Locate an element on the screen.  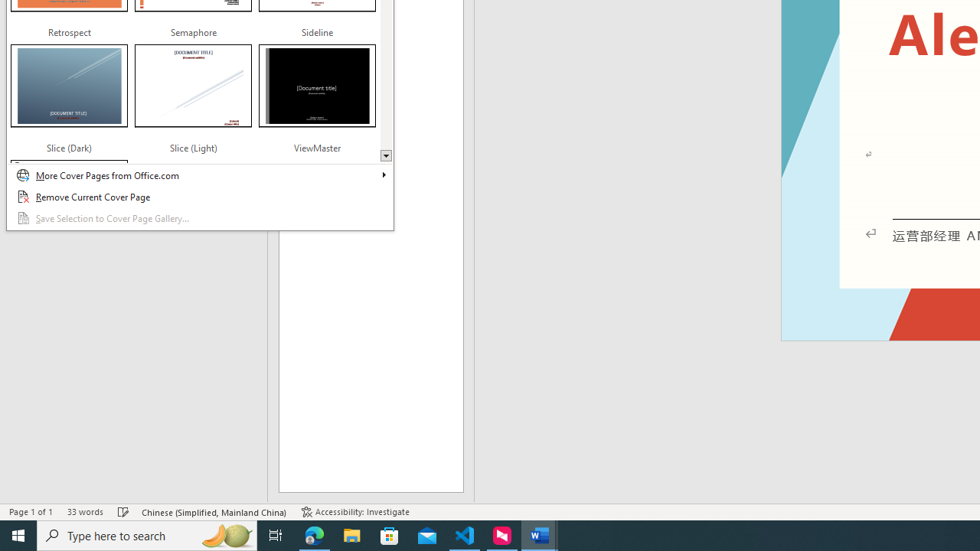
'Search highlights icon opens search home window' is located at coordinates (225, 534).